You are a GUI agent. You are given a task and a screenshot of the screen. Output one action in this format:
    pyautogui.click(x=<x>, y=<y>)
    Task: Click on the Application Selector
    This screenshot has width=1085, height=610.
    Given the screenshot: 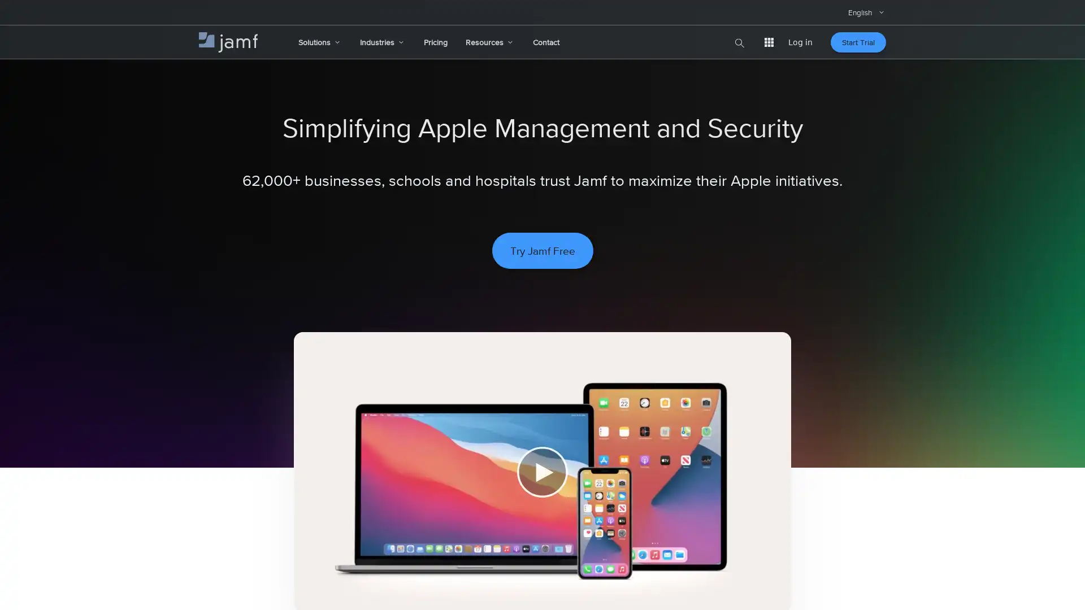 What is the action you would take?
    pyautogui.click(x=769, y=41)
    